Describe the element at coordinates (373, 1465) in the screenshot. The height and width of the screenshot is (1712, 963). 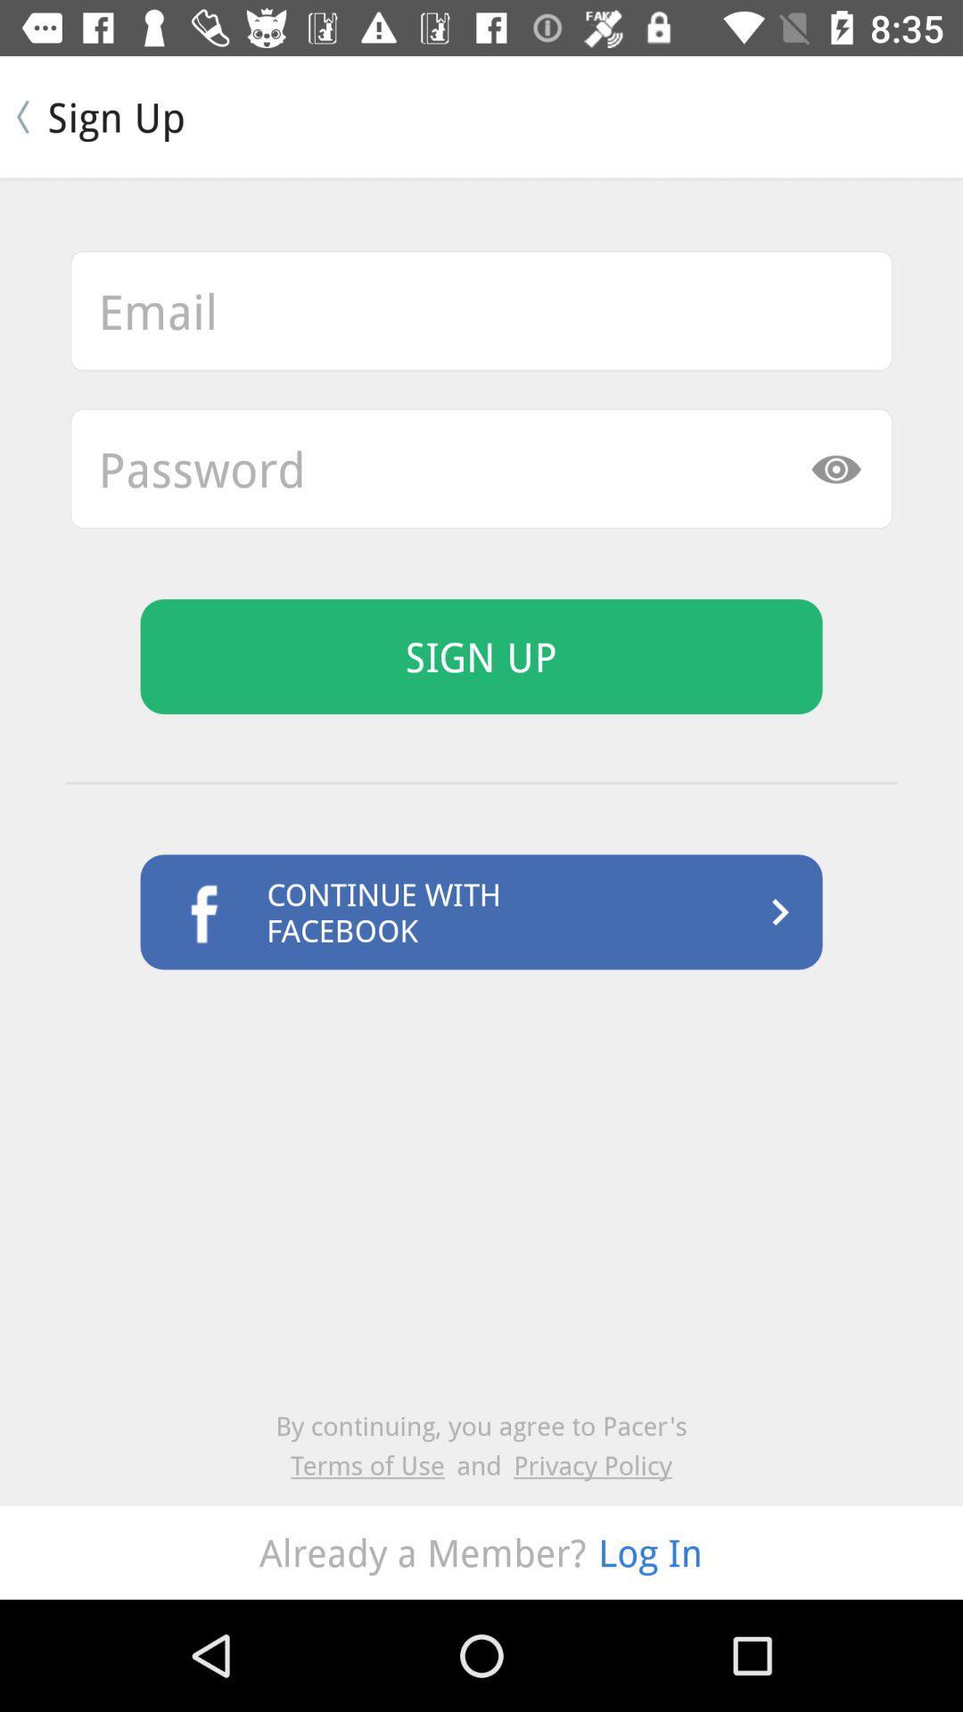
I see `the icon below by continuing you icon` at that location.